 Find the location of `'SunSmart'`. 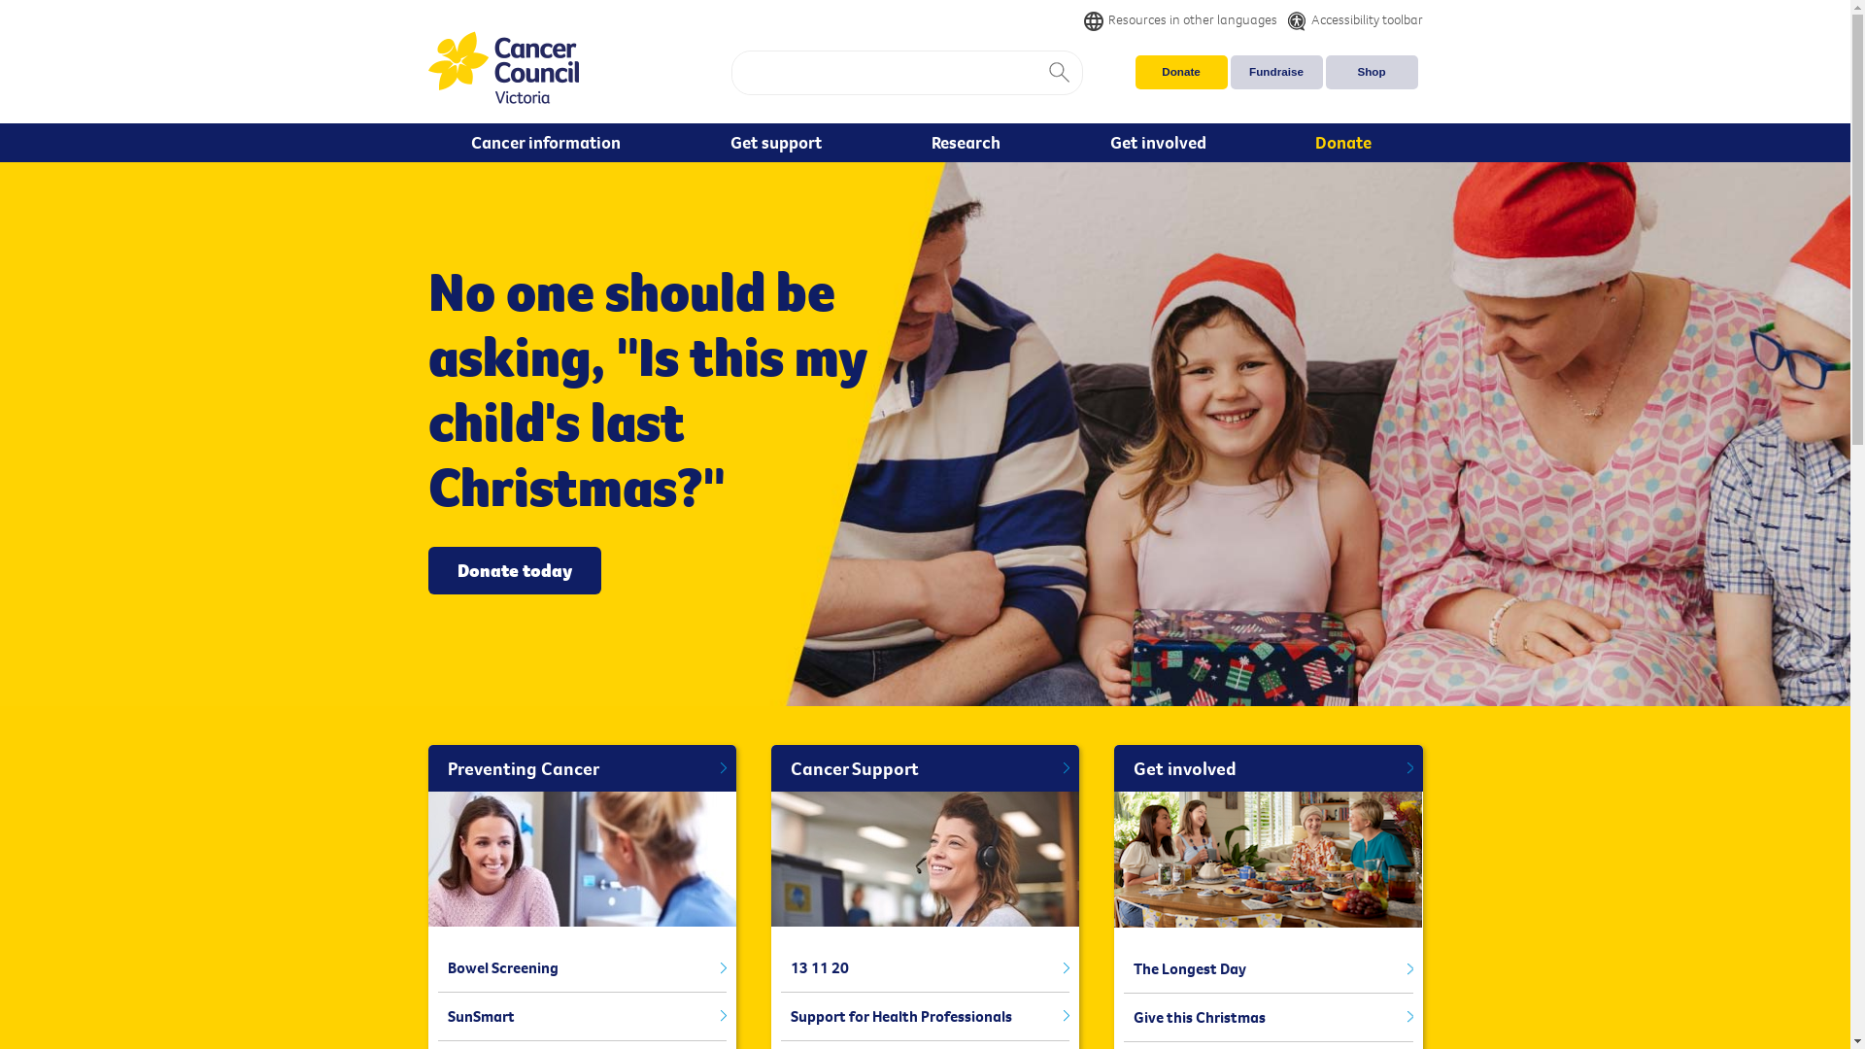

'SunSmart' is located at coordinates (580, 1015).